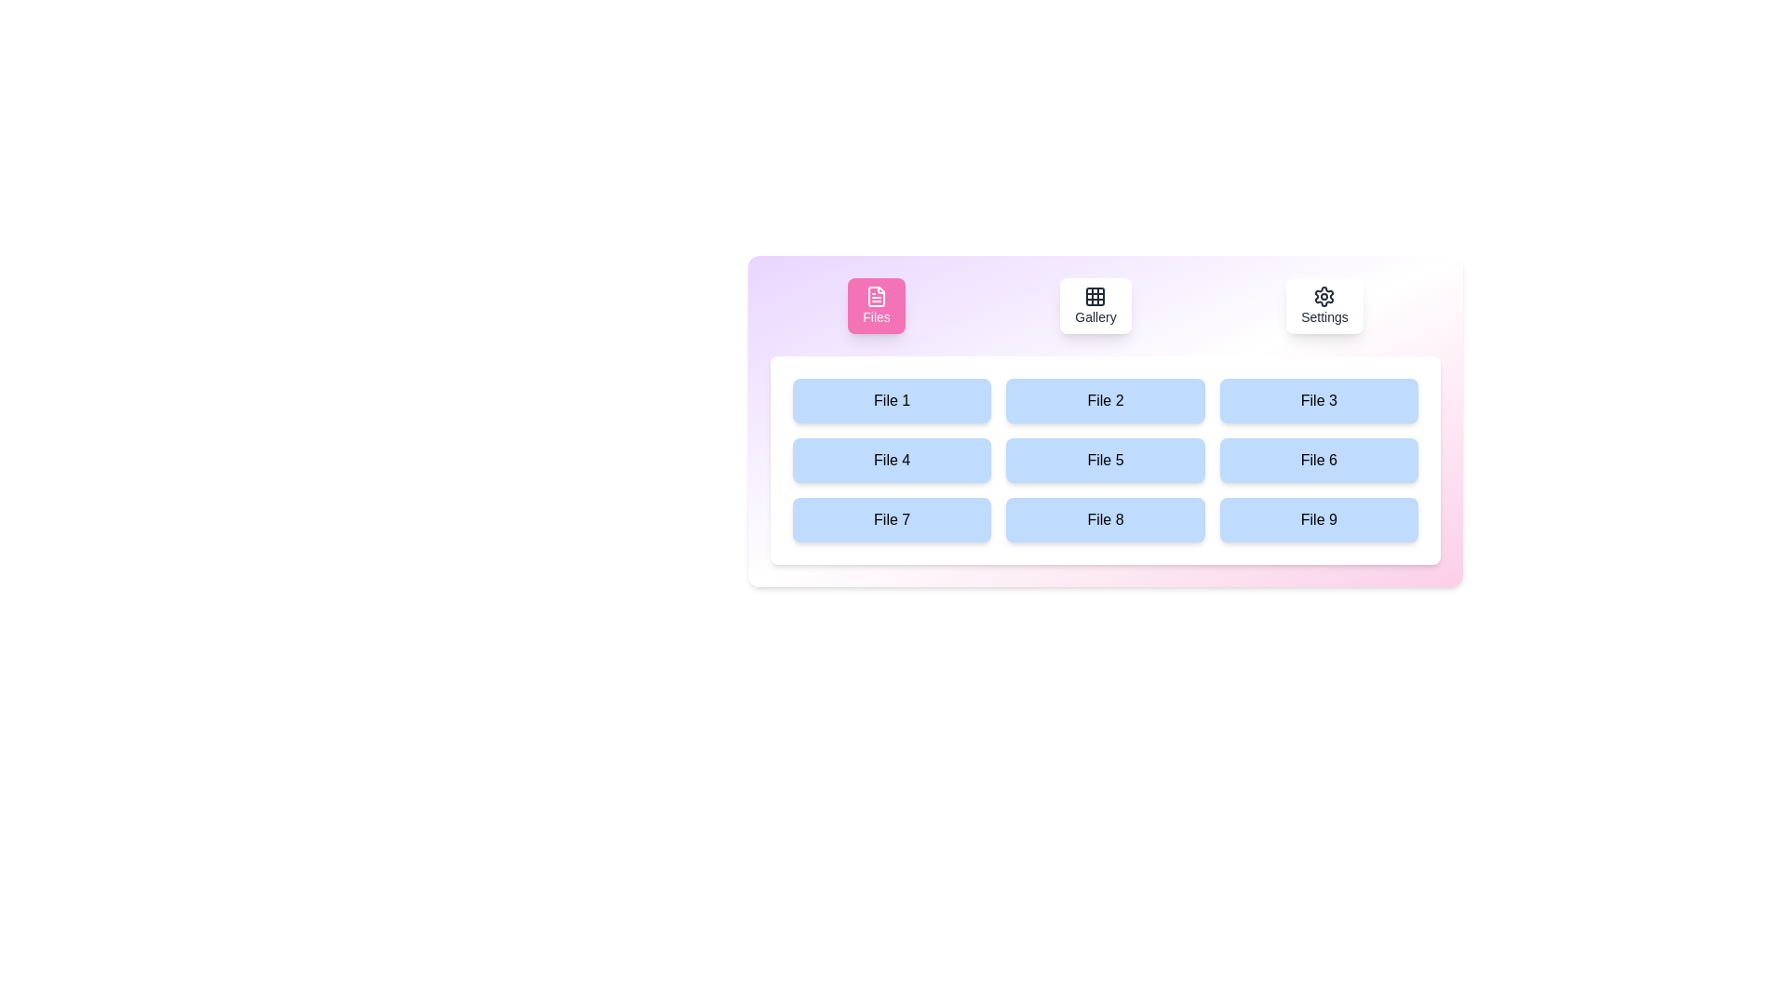  Describe the element at coordinates (875, 304) in the screenshot. I see `the Files tab by clicking its button` at that location.